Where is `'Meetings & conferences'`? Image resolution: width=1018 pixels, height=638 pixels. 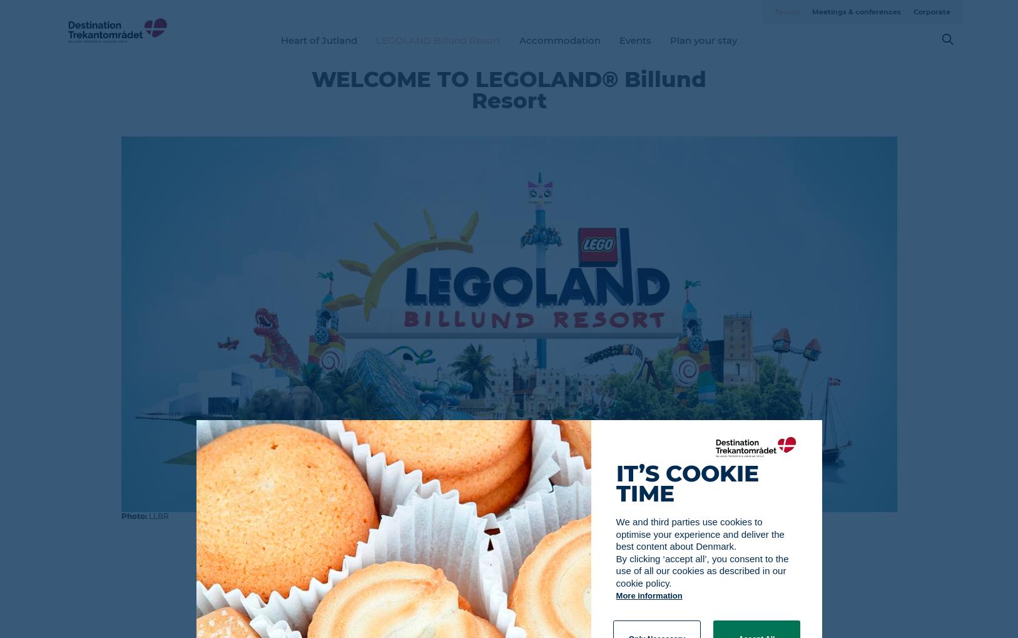
'Meetings & conferences' is located at coordinates (855, 11).